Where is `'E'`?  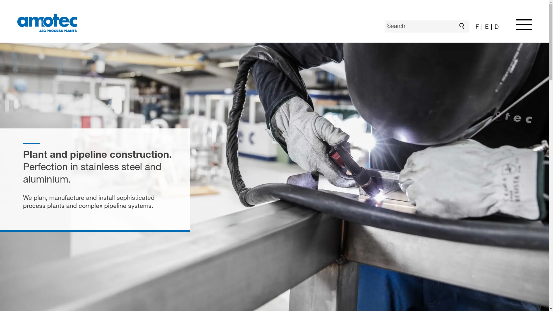 'E' is located at coordinates (484, 28).